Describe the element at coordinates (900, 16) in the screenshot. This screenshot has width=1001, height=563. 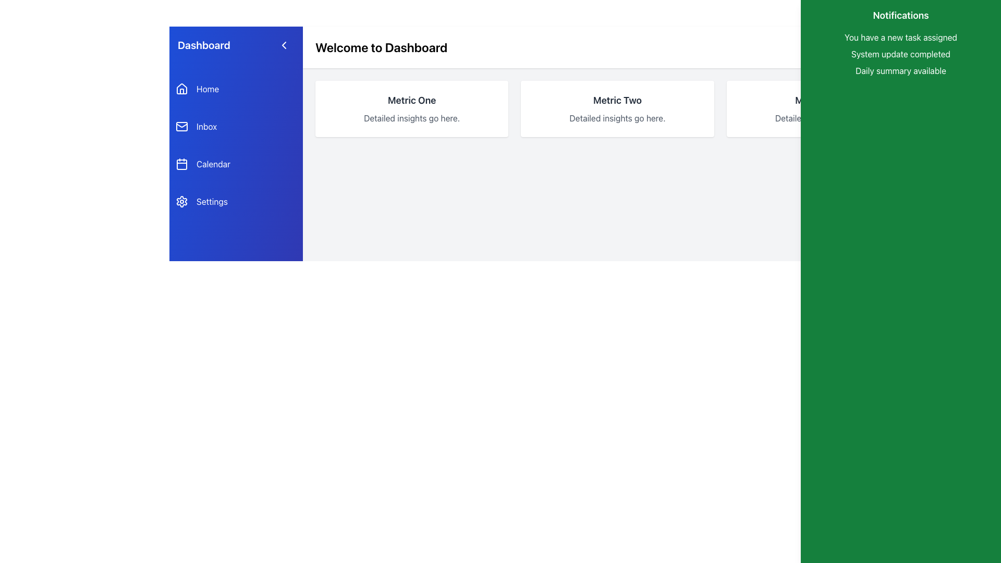
I see `'Notifications' header text at the top of the green sidebar to understand the section context` at that location.